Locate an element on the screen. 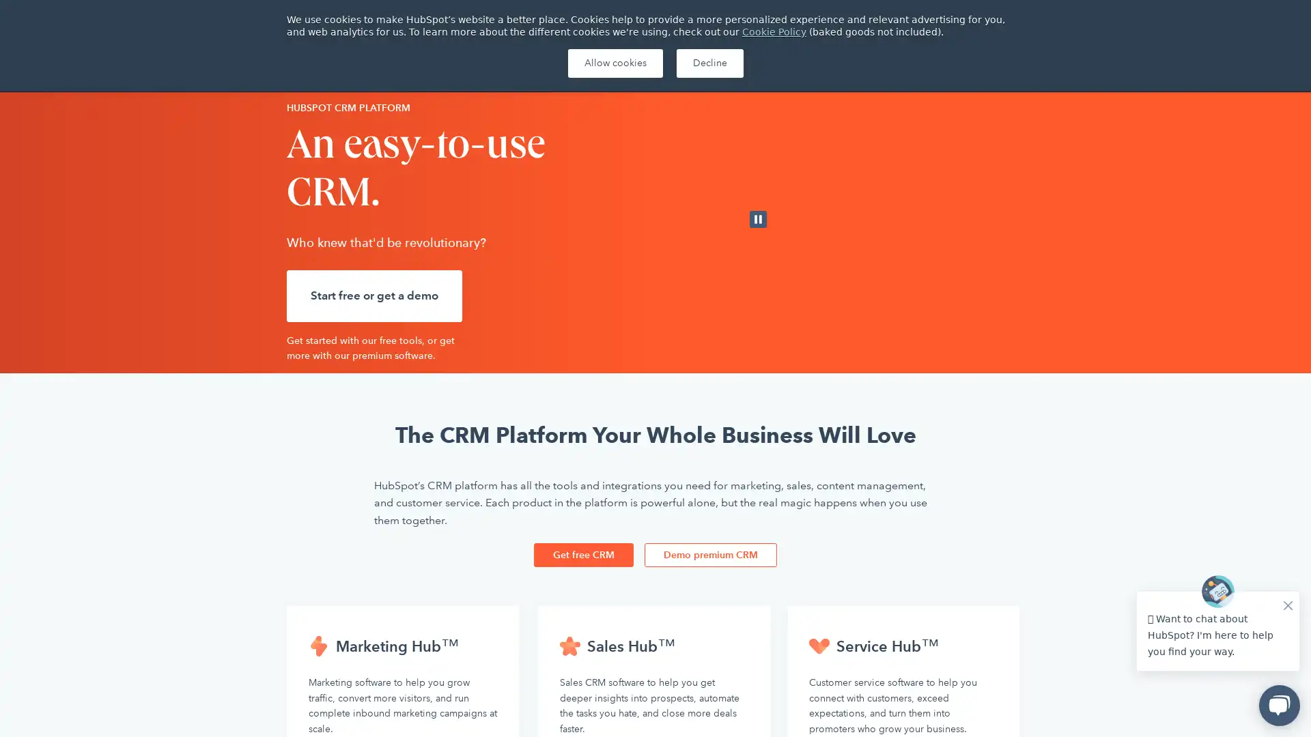 This screenshot has height=737, width=1311. Software is located at coordinates (441, 63).